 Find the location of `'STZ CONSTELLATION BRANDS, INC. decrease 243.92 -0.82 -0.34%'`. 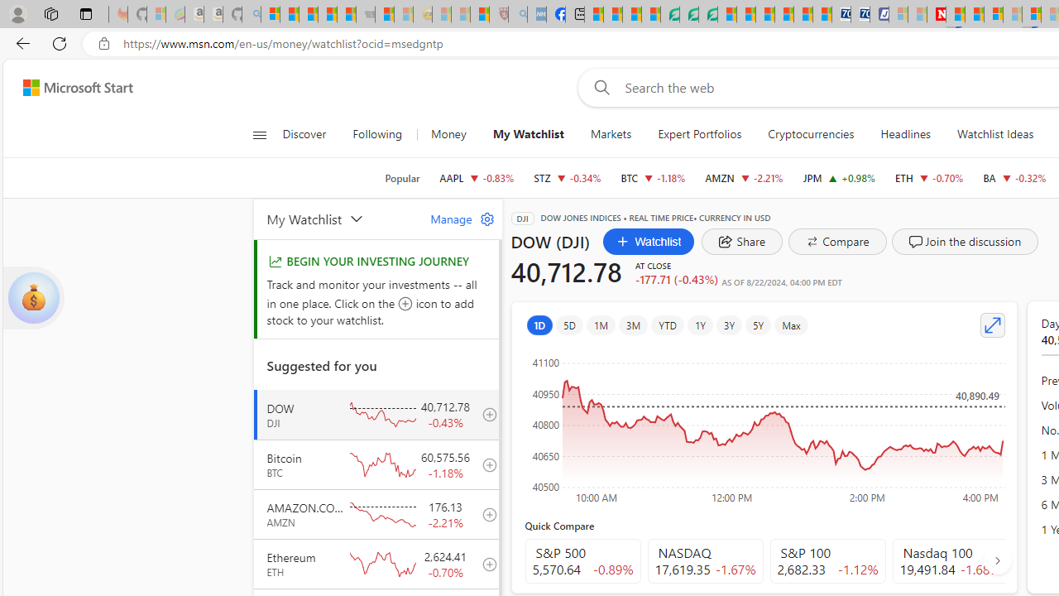

'STZ CONSTELLATION BRANDS, INC. decrease 243.92 -0.82 -0.34%' is located at coordinates (568, 177).